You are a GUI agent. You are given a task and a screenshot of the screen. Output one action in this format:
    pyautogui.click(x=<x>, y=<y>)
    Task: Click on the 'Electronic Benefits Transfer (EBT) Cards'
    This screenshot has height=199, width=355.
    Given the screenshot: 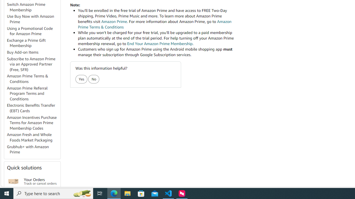 What is the action you would take?
    pyautogui.click(x=33, y=108)
    